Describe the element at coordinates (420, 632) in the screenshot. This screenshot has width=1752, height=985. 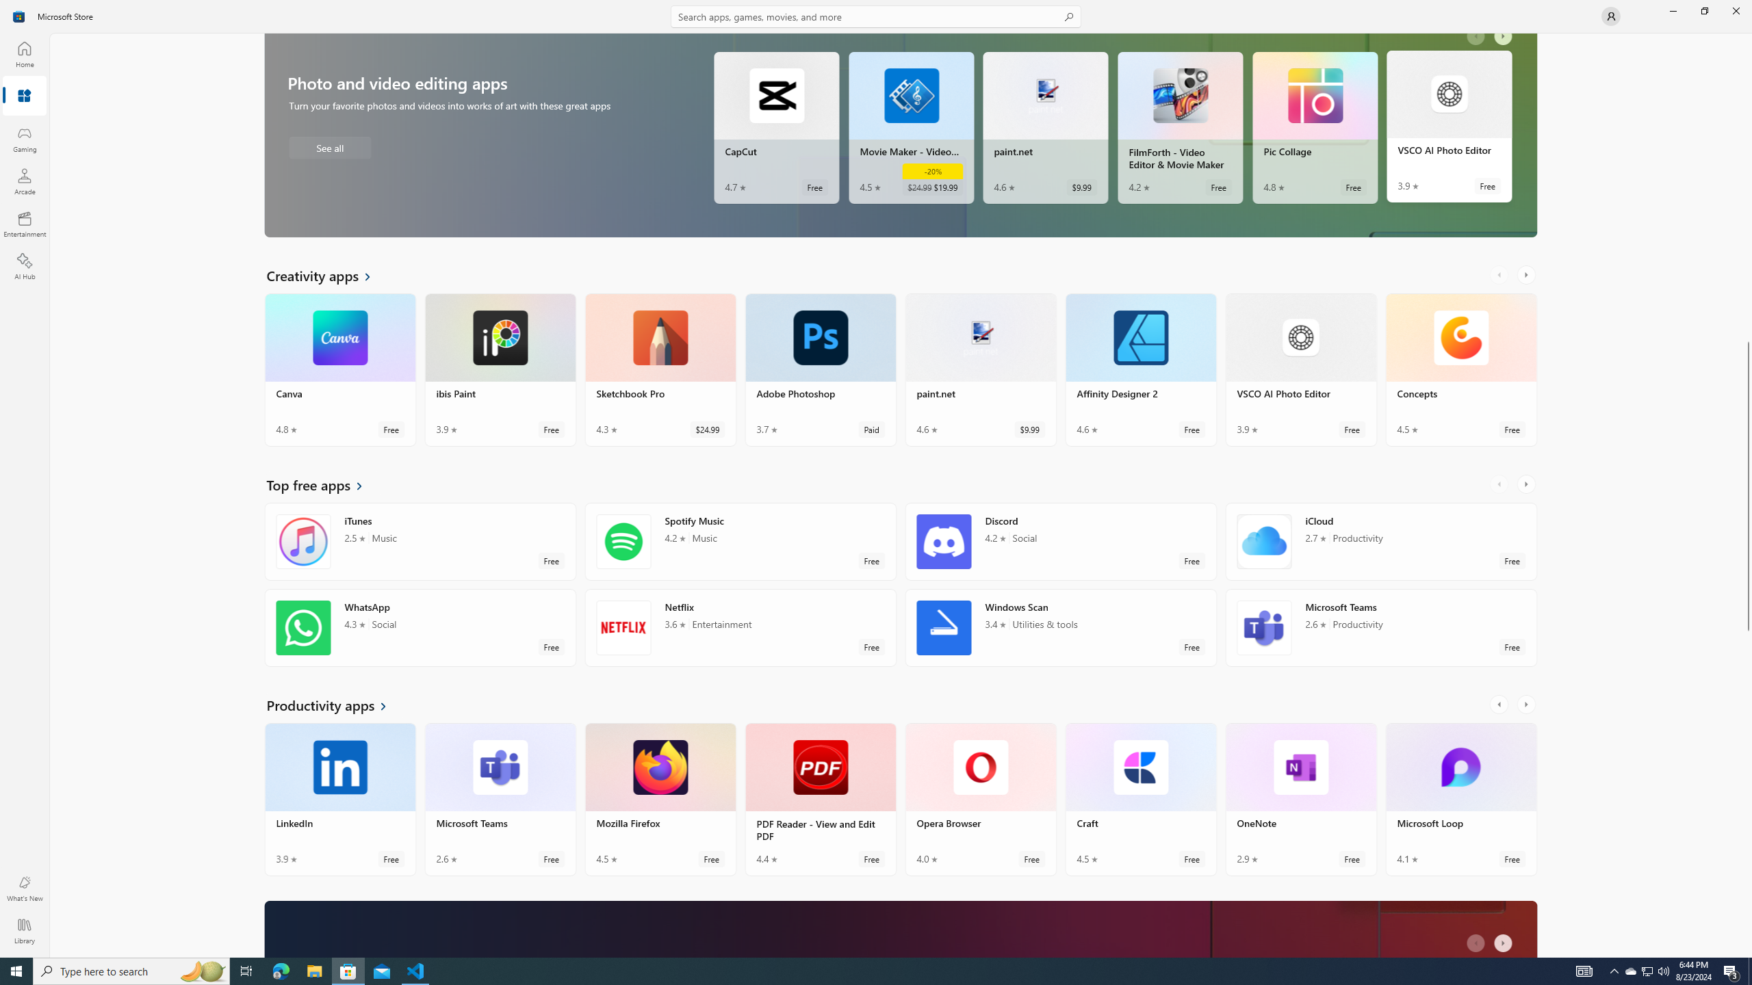
I see `'WhatsApp. Average rating of 4.3 out of five stars. Free  '` at that location.